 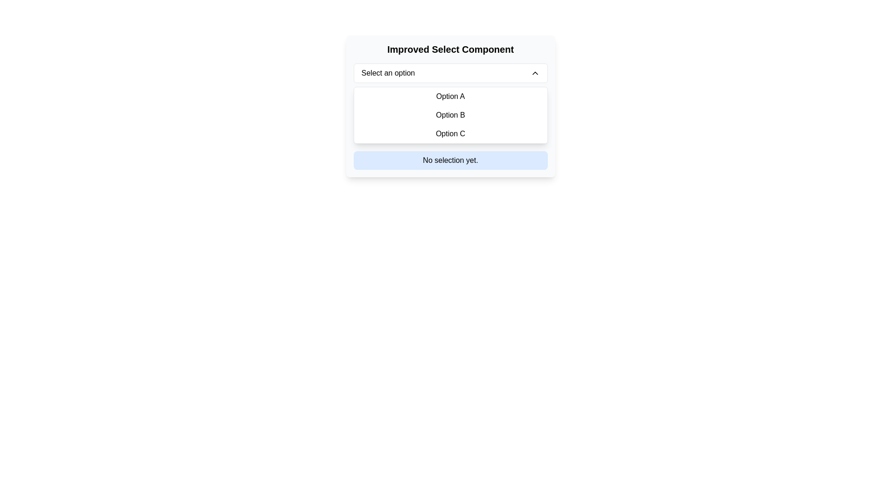 I want to click on the blue-colored notification box that displays the text 'No selection yet.' located within the 'Improved Select Component' panel, so click(x=450, y=160).